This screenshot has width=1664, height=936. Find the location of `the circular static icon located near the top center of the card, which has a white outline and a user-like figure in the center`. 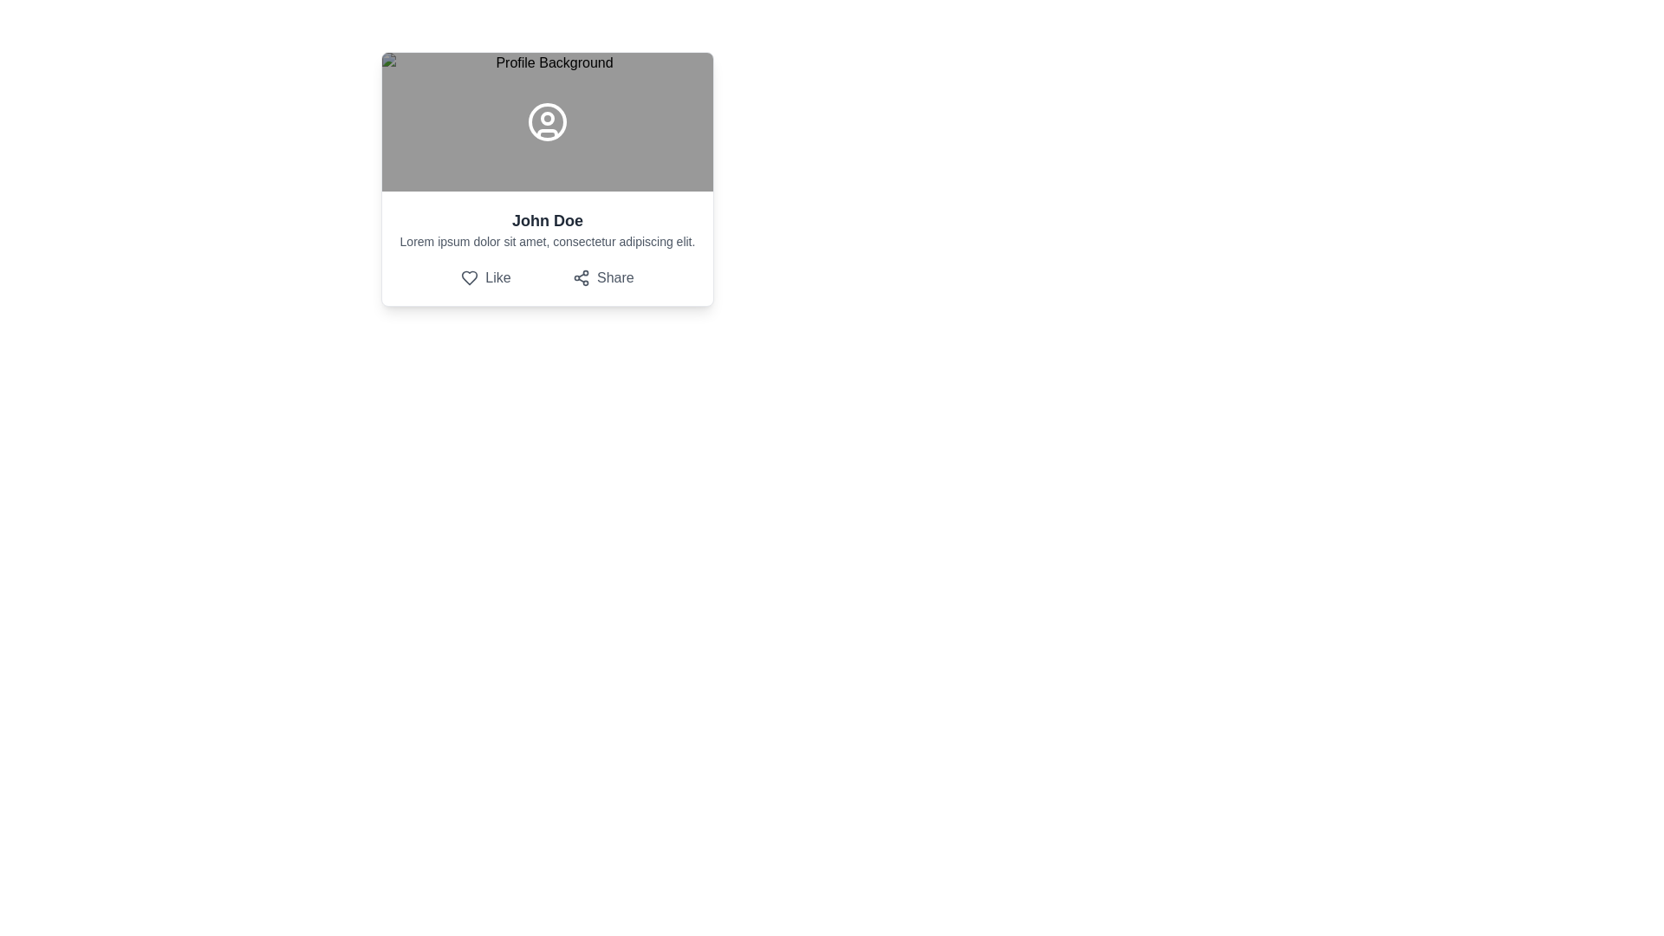

the circular static icon located near the top center of the card, which has a white outline and a user-like figure in the center is located at coordinates (547, 121).